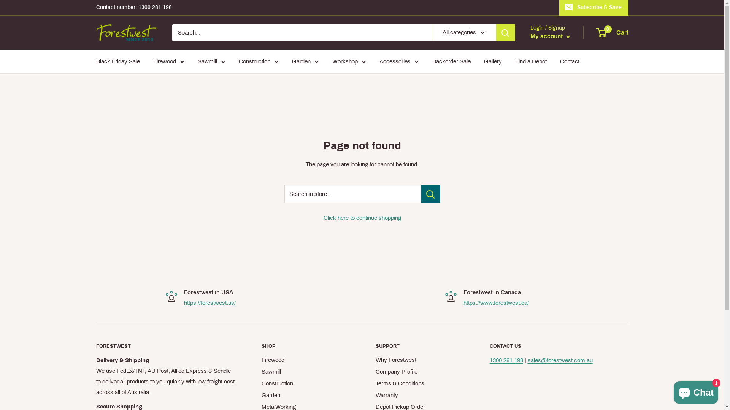 Image resolution: width=730 pixels, height=410 pixels. I want to click on 'Company Profile', so click(419, 371).